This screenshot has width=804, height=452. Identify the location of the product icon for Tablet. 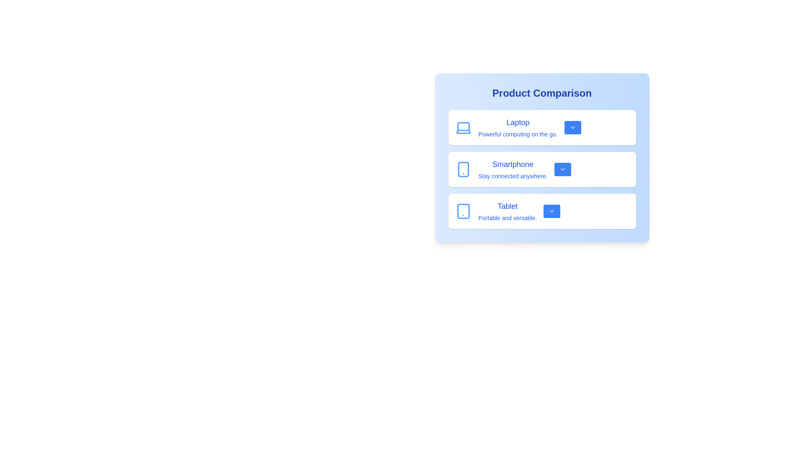
(463, 211).